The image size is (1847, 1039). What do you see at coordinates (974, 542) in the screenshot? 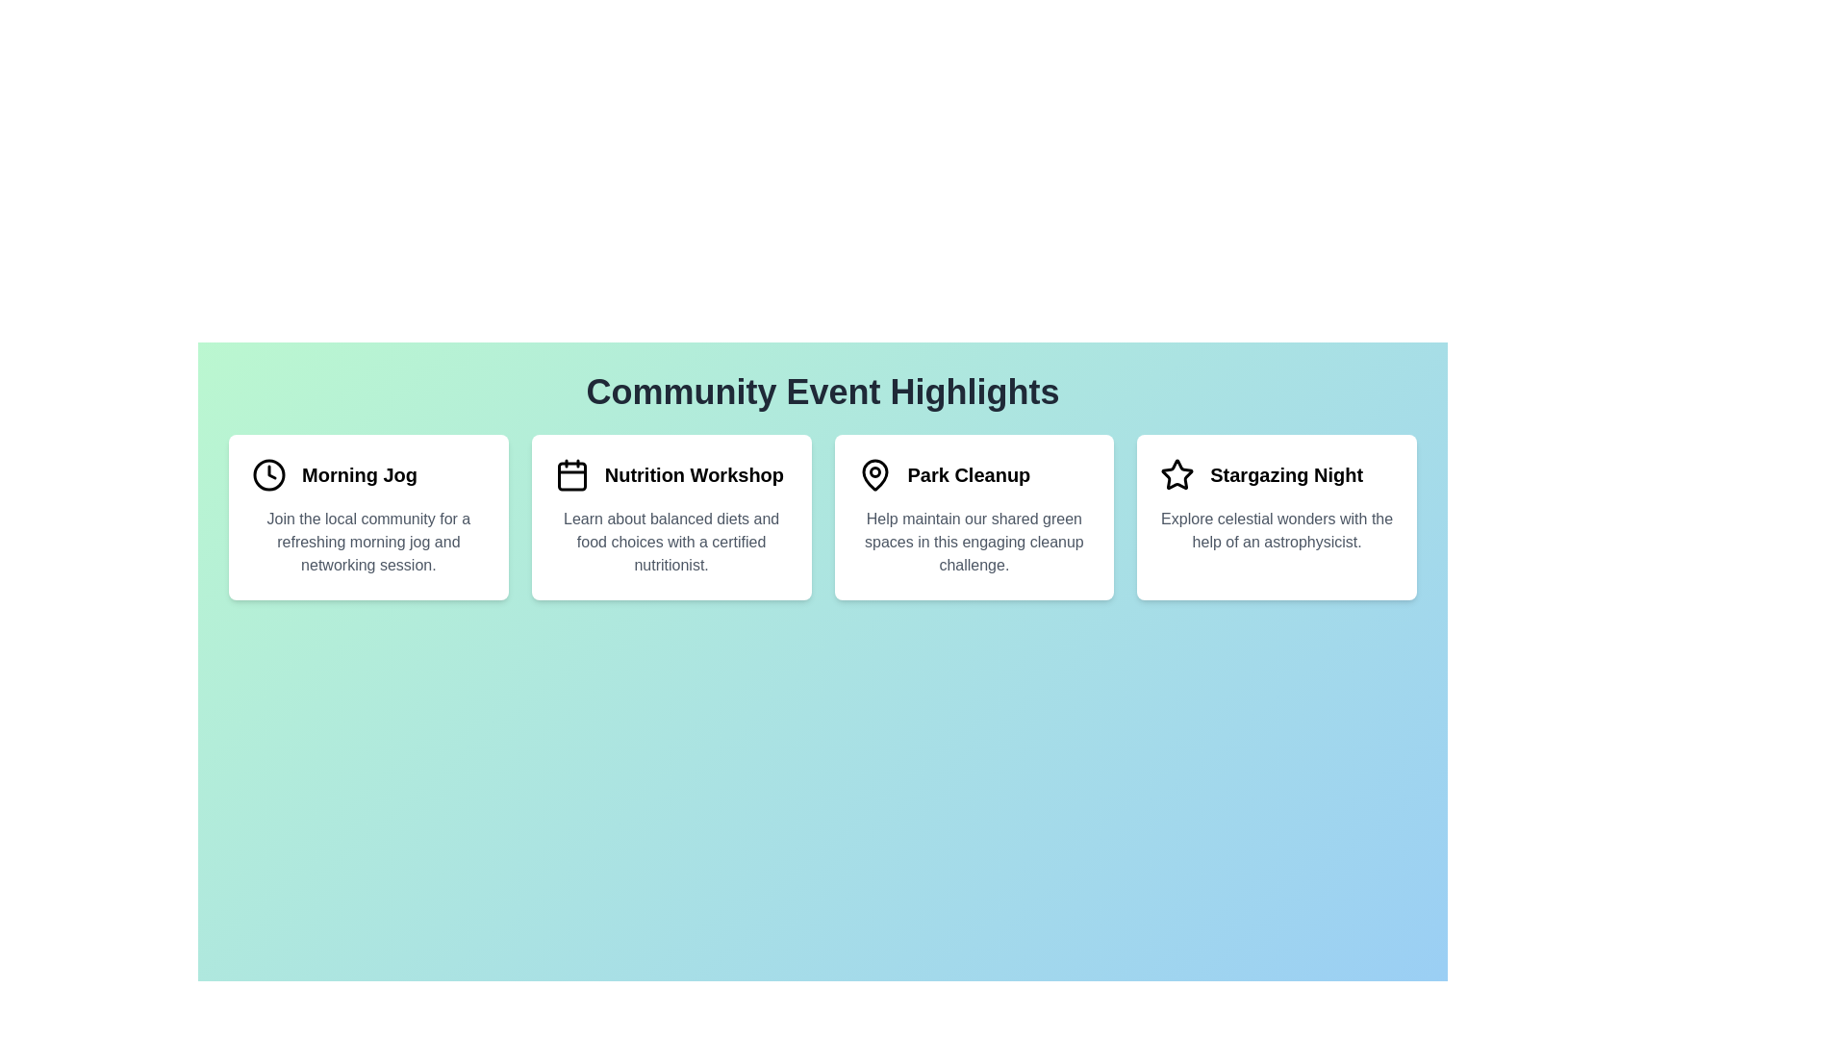
I see `the text block providing a brief description of the 'Park Cleanup' event, which is located below the title and map pin icon in the third card of four displayed cards` at bounding box center [974, 542].